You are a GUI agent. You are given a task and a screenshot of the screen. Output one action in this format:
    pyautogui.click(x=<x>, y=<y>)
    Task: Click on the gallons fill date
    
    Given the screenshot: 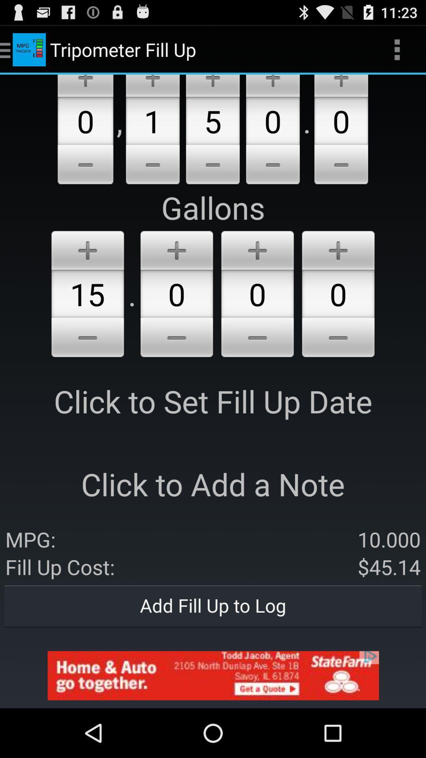 What is the action you would take?
    pyautogui.click(x=176, y=248)
    